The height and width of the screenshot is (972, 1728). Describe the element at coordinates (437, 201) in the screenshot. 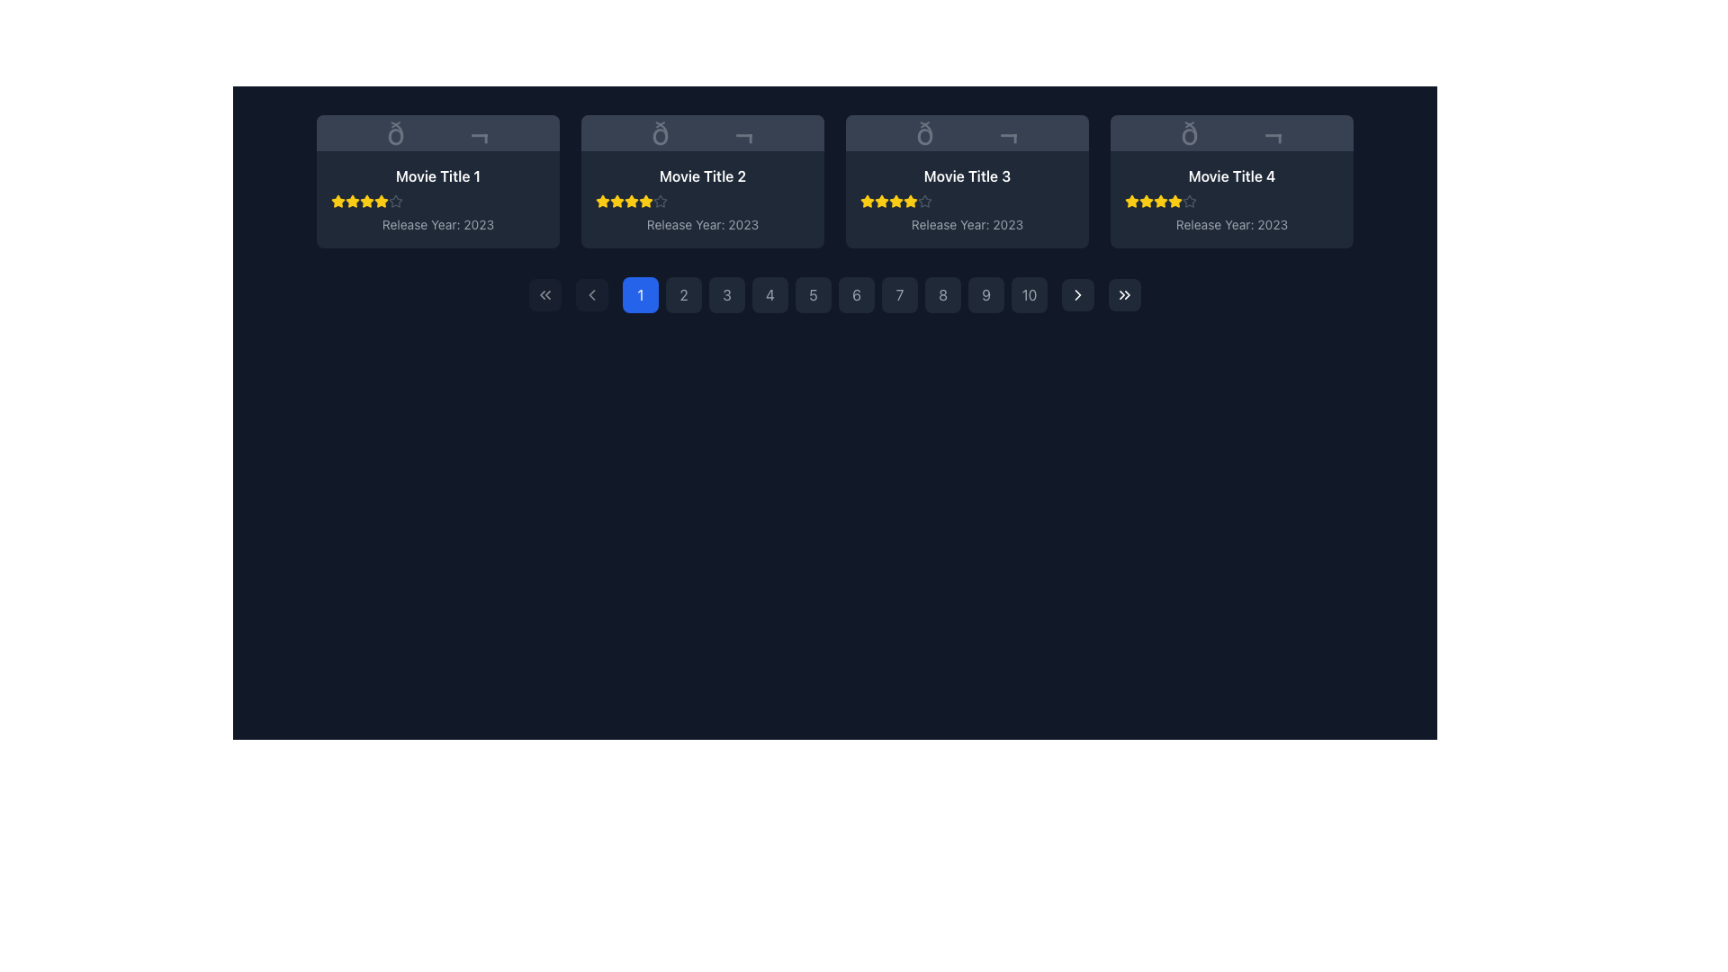

I see `the Rating display stars located below 'Movie Title 1' and above 'Release Year: 2023'` at that location.